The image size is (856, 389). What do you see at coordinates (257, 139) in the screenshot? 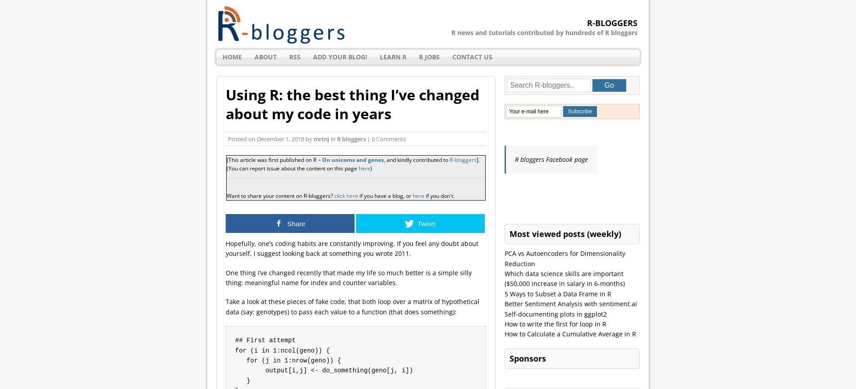
I see `'December 1, 2018'` at bounding box center [257, 139].